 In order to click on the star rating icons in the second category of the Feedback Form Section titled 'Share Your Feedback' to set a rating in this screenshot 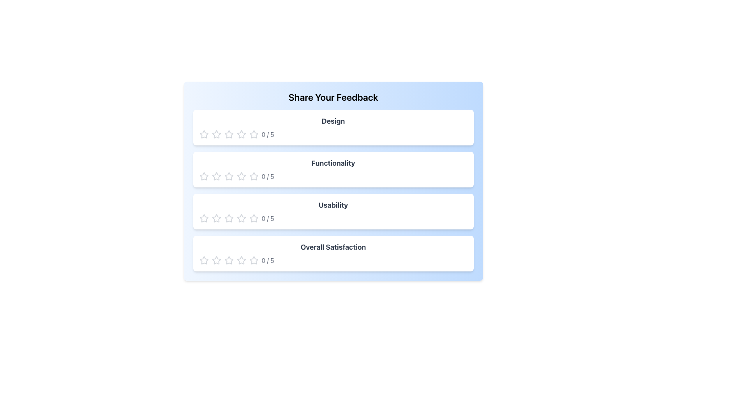, I will do `click(333, 181)`.